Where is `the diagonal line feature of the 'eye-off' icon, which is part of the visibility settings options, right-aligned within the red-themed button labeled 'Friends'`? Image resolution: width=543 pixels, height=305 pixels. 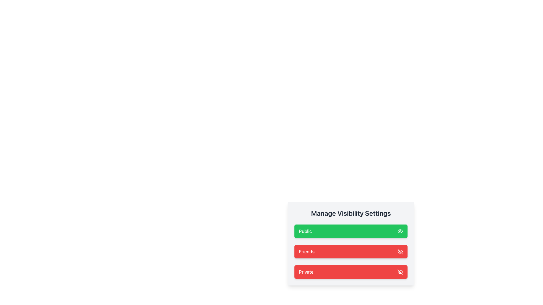
the diagonal line feature of the 'eye-off' icon, which is part of the visibility settings options, right-aligned within the red-themed button labeled 'Friends' is located at coordinates (400, 272).